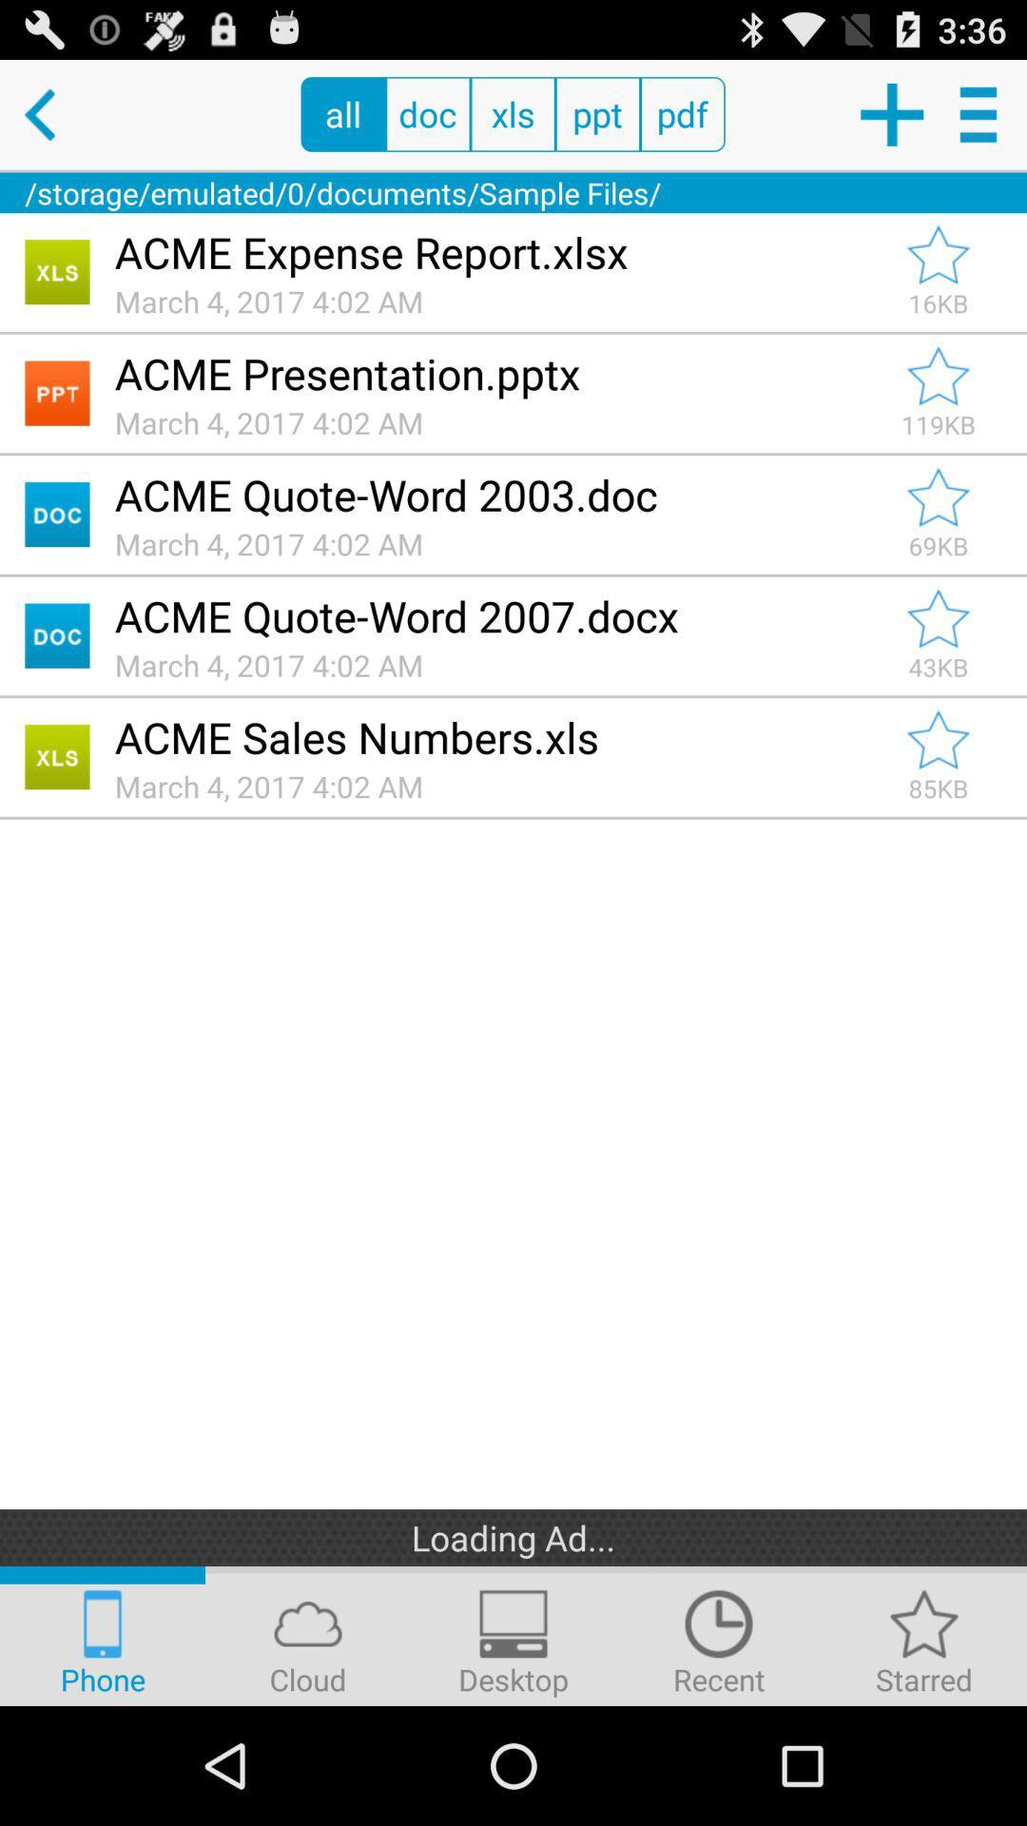  What do you see at coordinates (682, 113) in the screenshot?
I see `the icon next to the ppt item` at bounding box center [682, 113].